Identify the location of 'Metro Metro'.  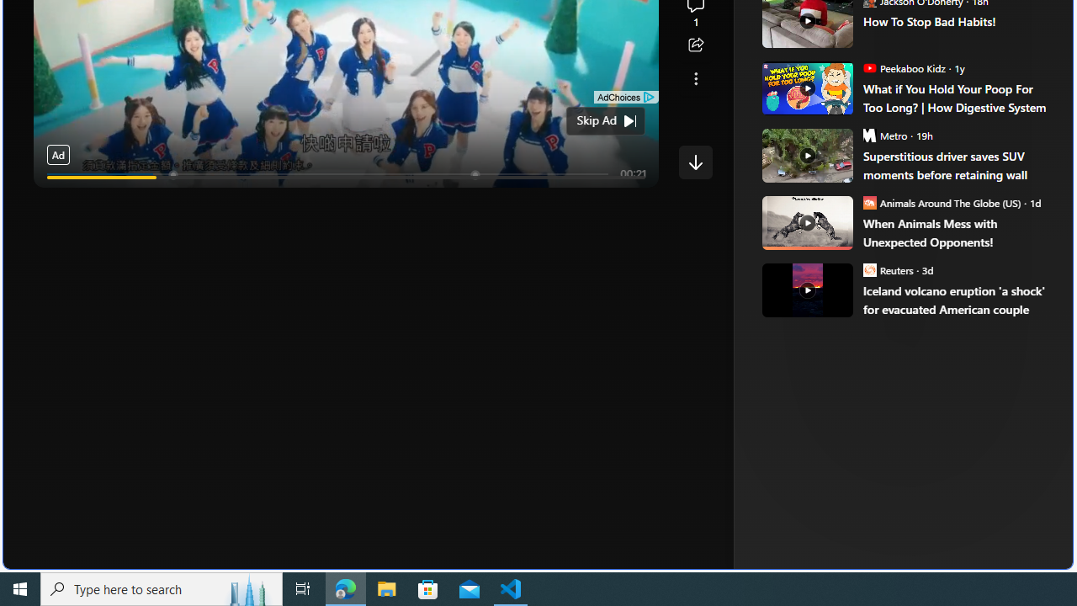
(884, 134).